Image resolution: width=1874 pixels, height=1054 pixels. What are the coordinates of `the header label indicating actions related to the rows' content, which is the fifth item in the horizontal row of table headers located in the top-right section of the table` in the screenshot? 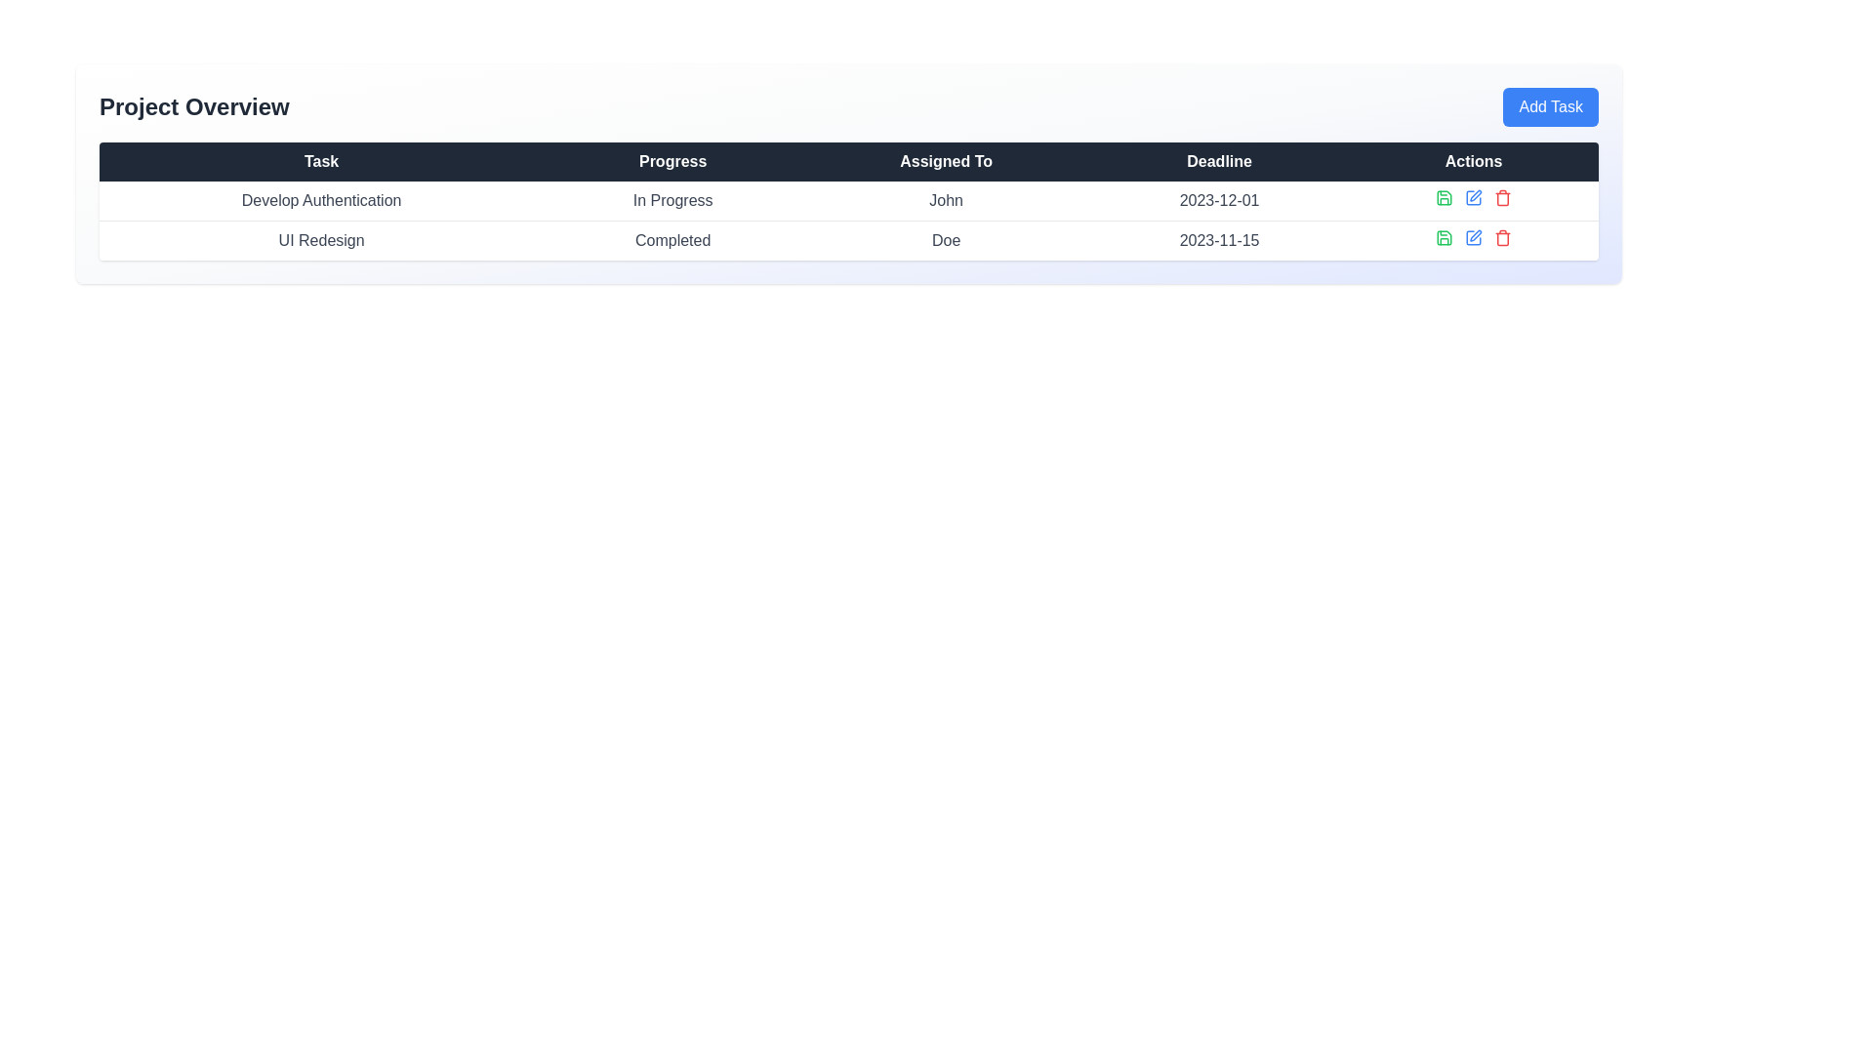 It's located at (1474, 160).